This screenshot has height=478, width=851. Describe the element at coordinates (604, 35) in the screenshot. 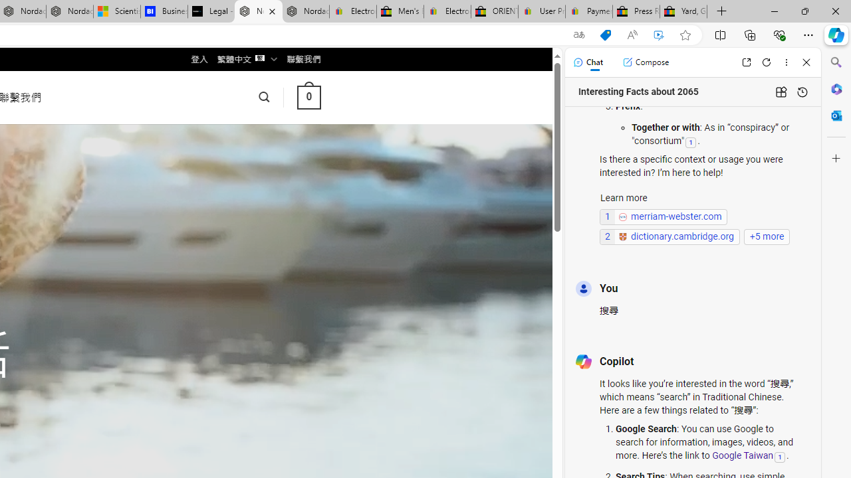

I see `'This site has coupons! Shopping in Microsoft Edge'` at that location.